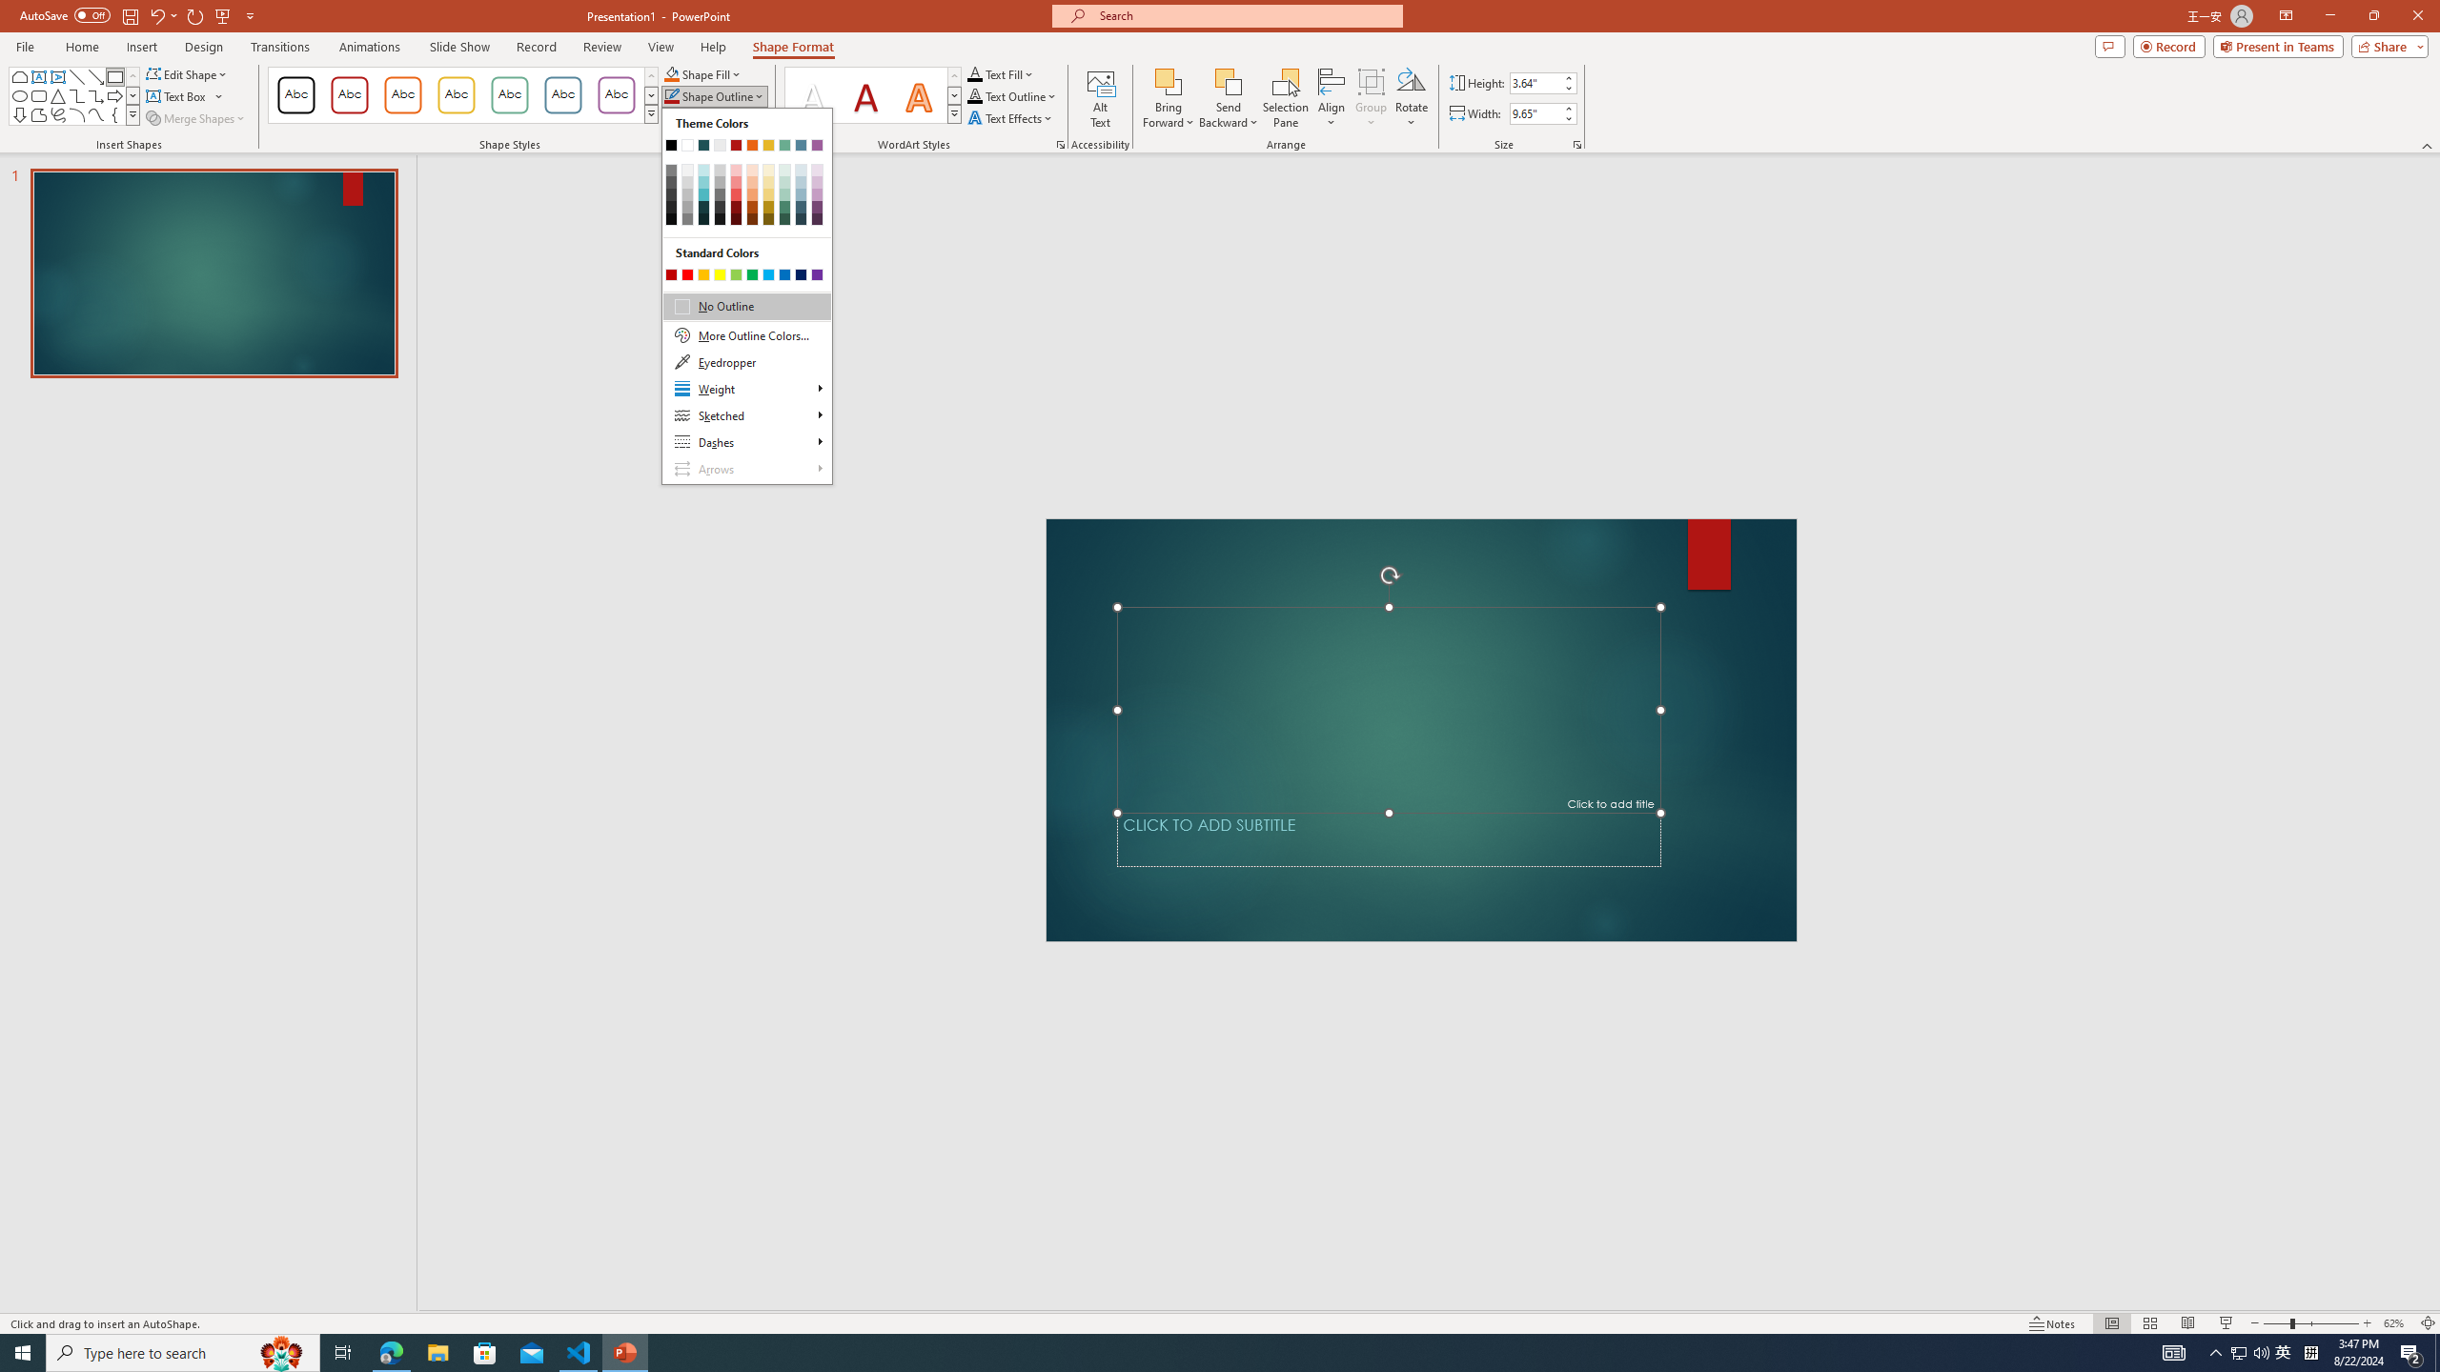 The image size is (2440, 1372). What do you see at coordinates (177, 94) in the screenshot?
I see `'Draw Horizontal Text Box'` at bounding box center [177, 94].